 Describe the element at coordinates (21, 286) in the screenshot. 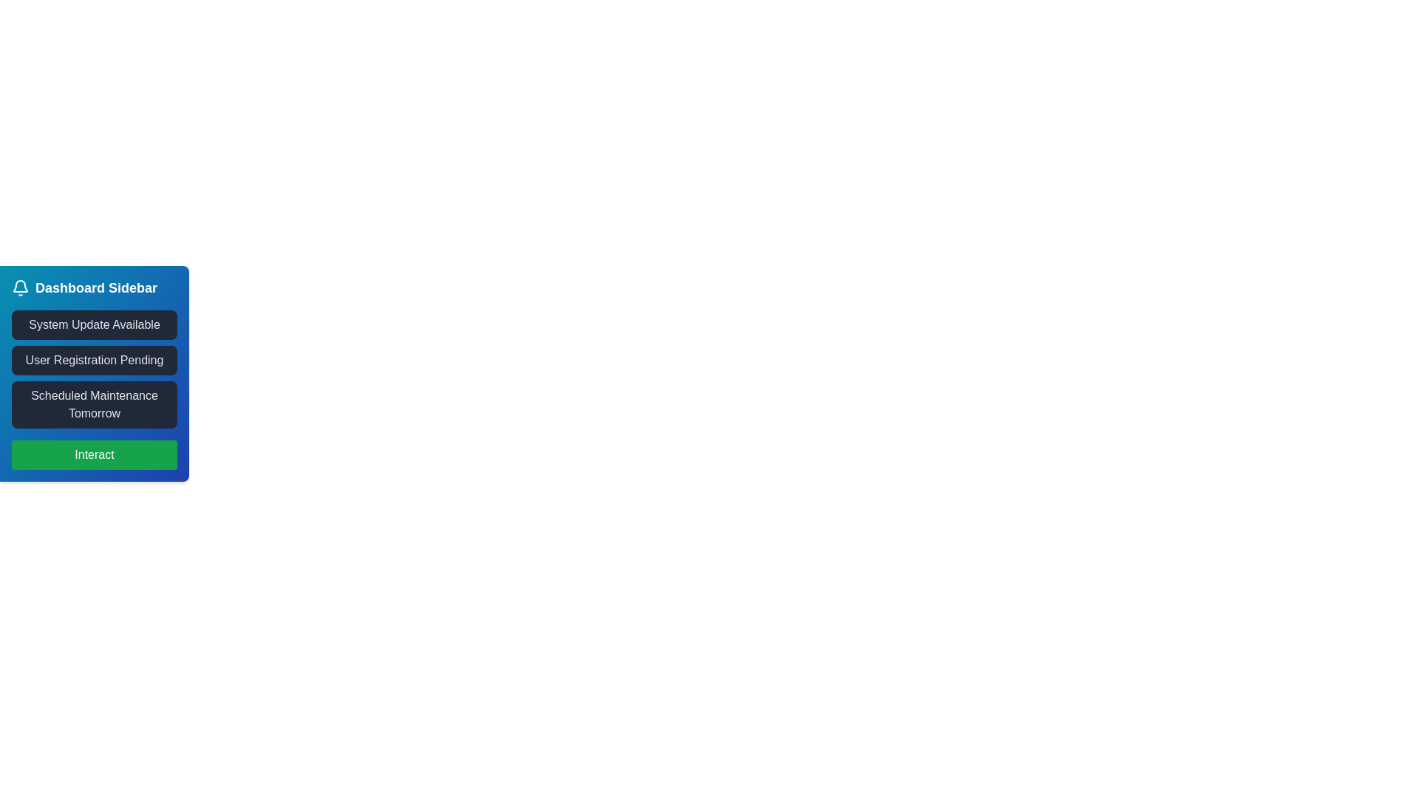

I see `the notification icon located in the top-left corner of the Dashboard Sidebar, which suggests checking for new notifications or important messages` at that location.